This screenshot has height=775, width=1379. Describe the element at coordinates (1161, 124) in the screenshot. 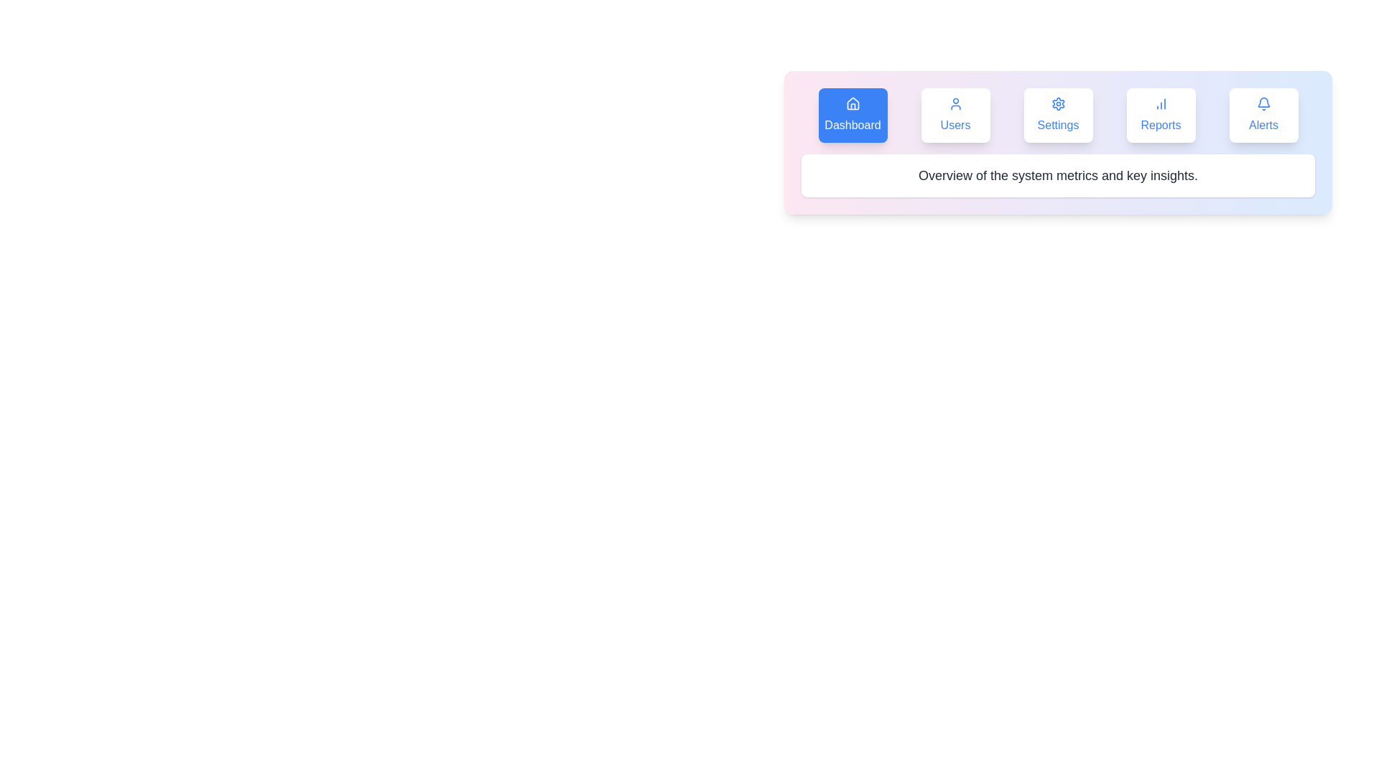

I see `the text label that indicates the purpose of the 'Reports' button, which is located at the bottom of the button in the navigation bar` at that location.